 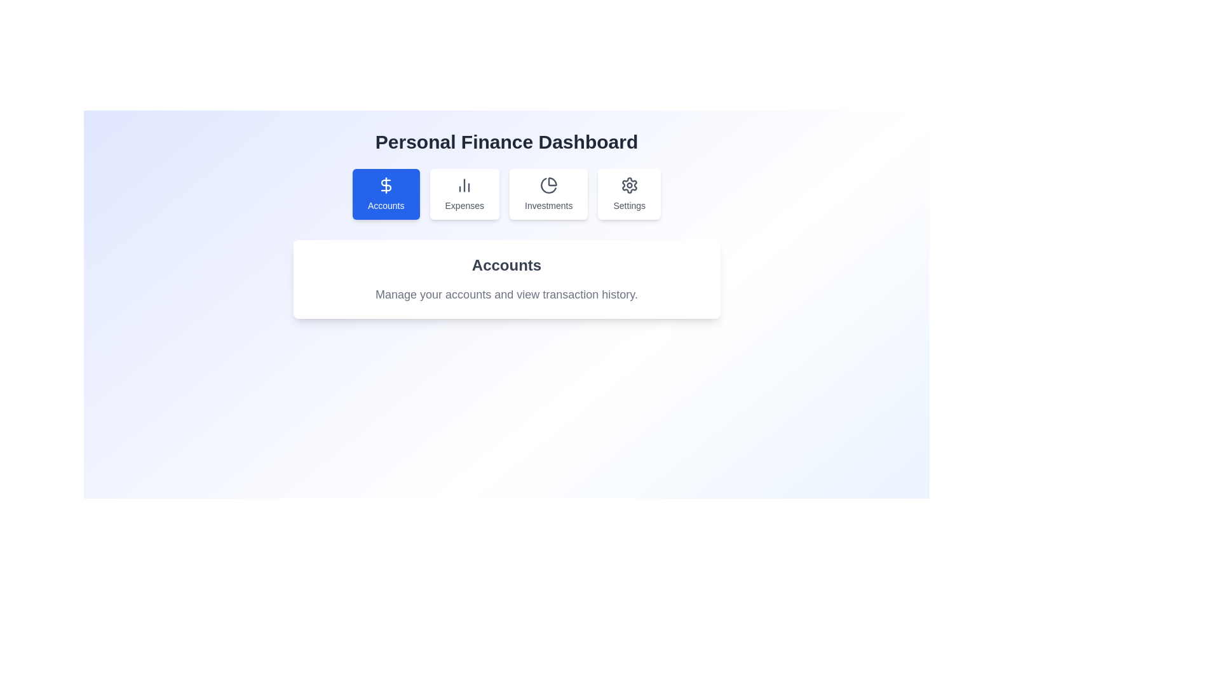 What do you see at coordinates (629, 185) in the screenshot?
I see `the gear icon located in the Settings section of the navigation menu` at bounding box center [629, 185].